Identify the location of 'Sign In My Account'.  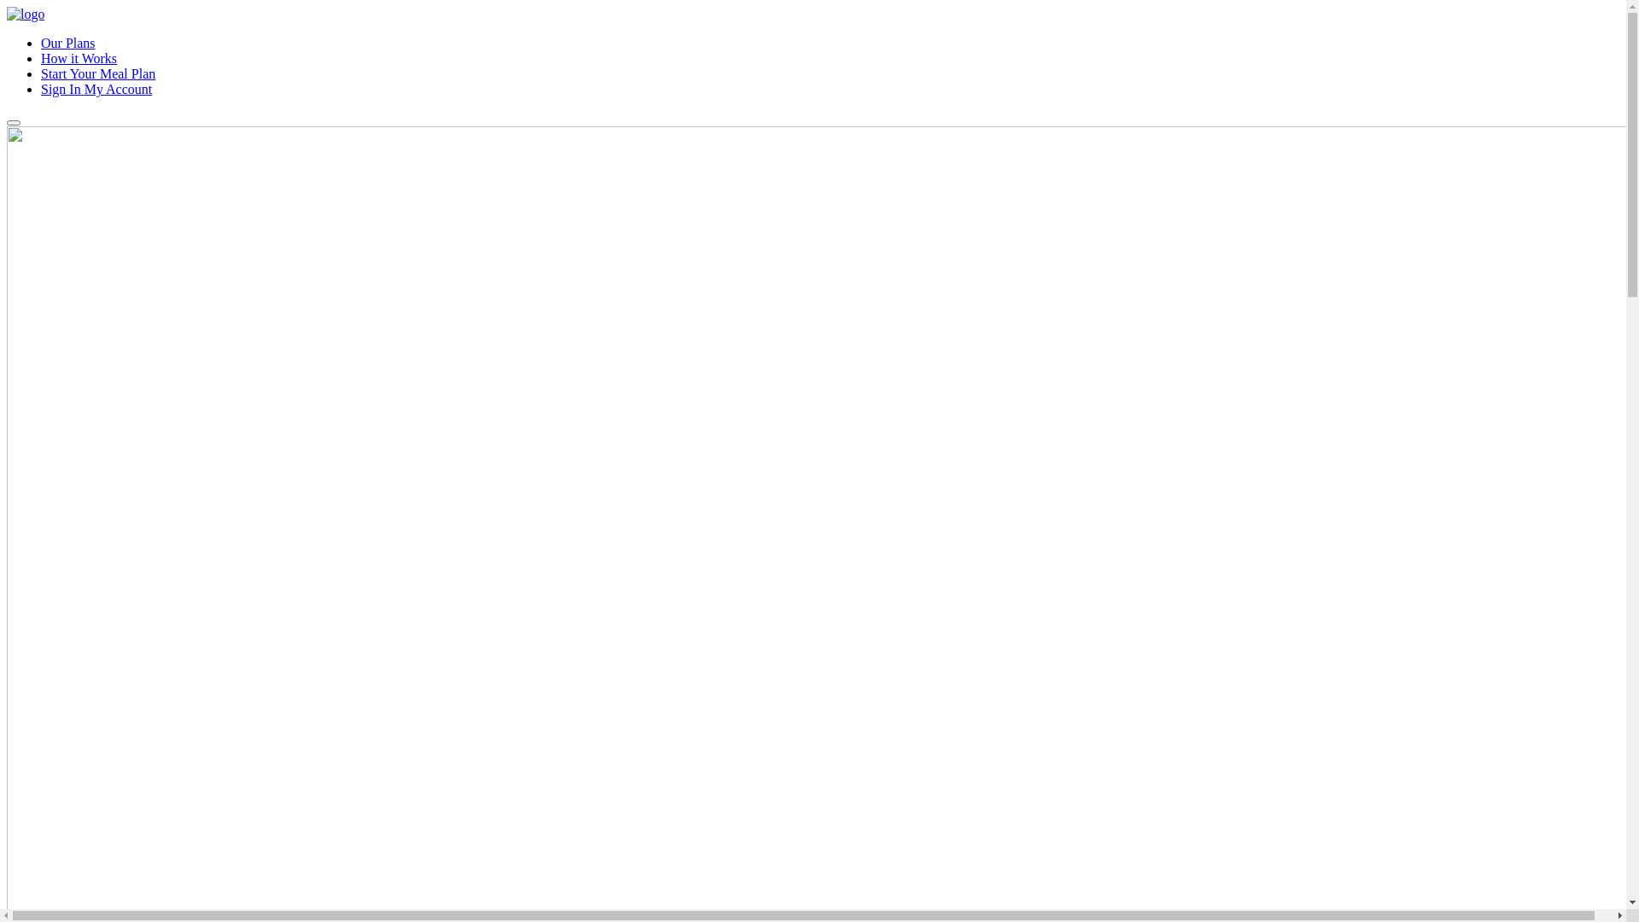
(96, 89).